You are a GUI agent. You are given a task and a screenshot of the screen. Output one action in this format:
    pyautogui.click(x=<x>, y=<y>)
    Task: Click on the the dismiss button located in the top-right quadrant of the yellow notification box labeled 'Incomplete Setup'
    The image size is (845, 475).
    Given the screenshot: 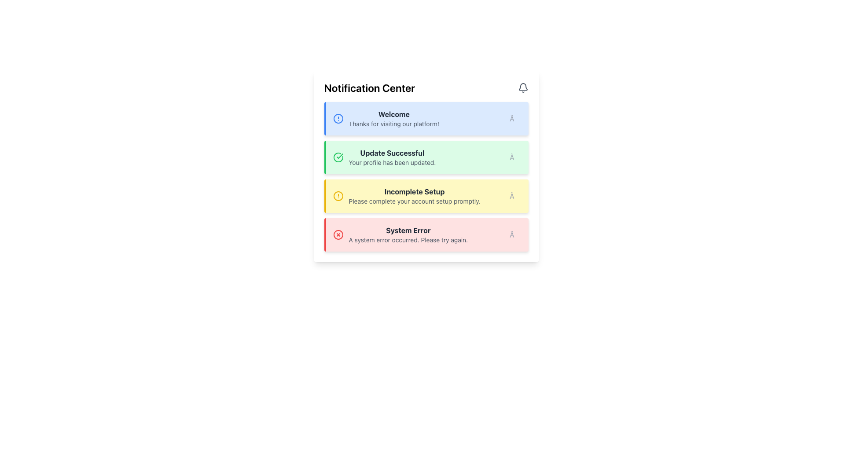 What is the action you would take?
    pyautogui.click(x=515, y=196)
    